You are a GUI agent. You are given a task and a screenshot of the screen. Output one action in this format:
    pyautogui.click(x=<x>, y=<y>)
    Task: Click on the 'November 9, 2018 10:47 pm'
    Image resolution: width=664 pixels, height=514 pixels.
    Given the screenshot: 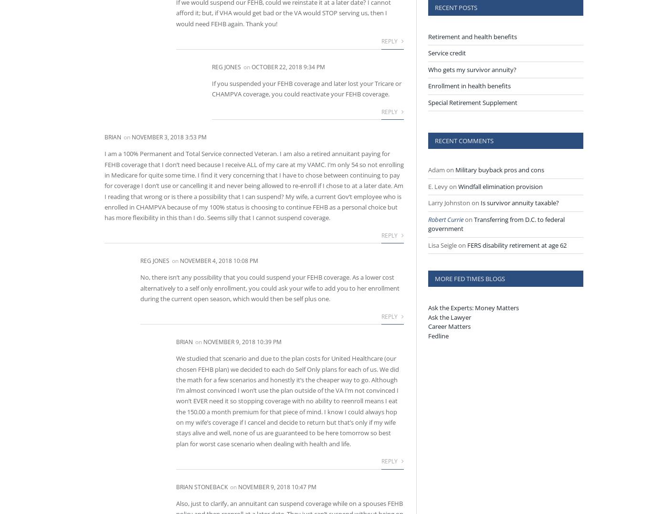 What is the action you would take?
    pyautogui.click(x=277, y=486)
    